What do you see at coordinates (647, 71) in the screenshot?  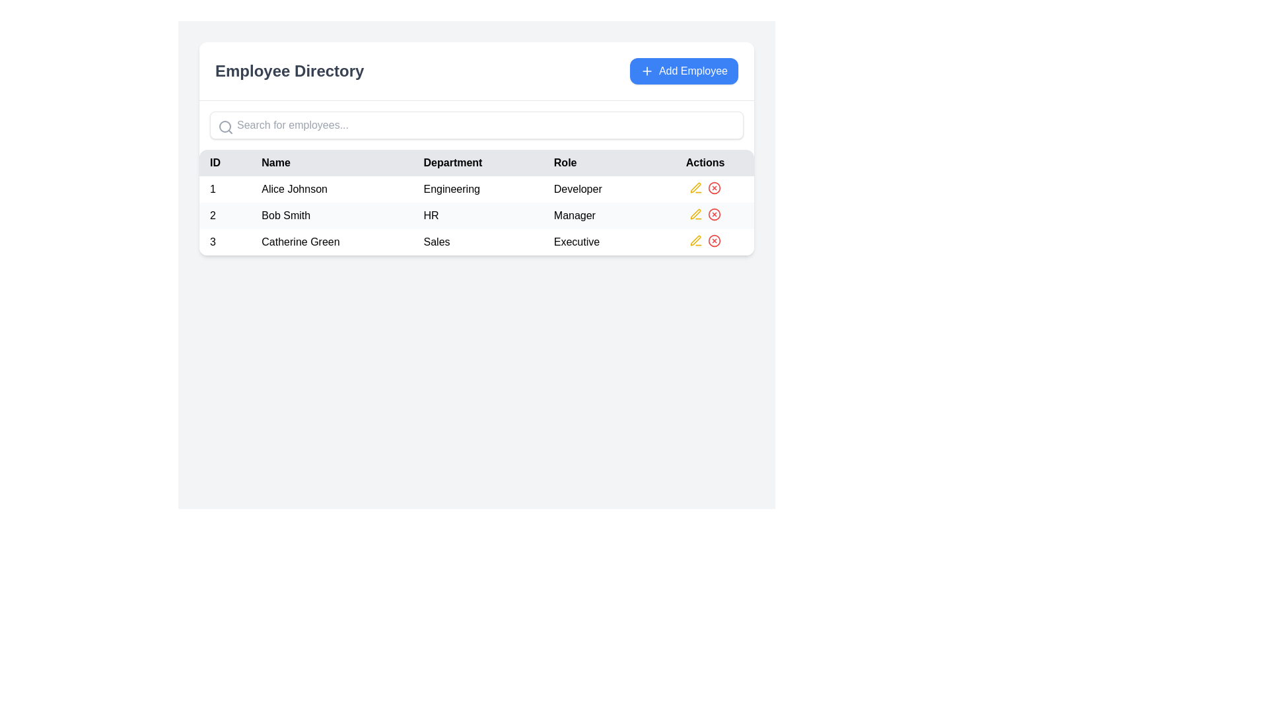 I see `the 'Add Employee' button, which contains a small blue plus sign icon to the left of the text 'Add Employee'` at bounding box center [647, 71].